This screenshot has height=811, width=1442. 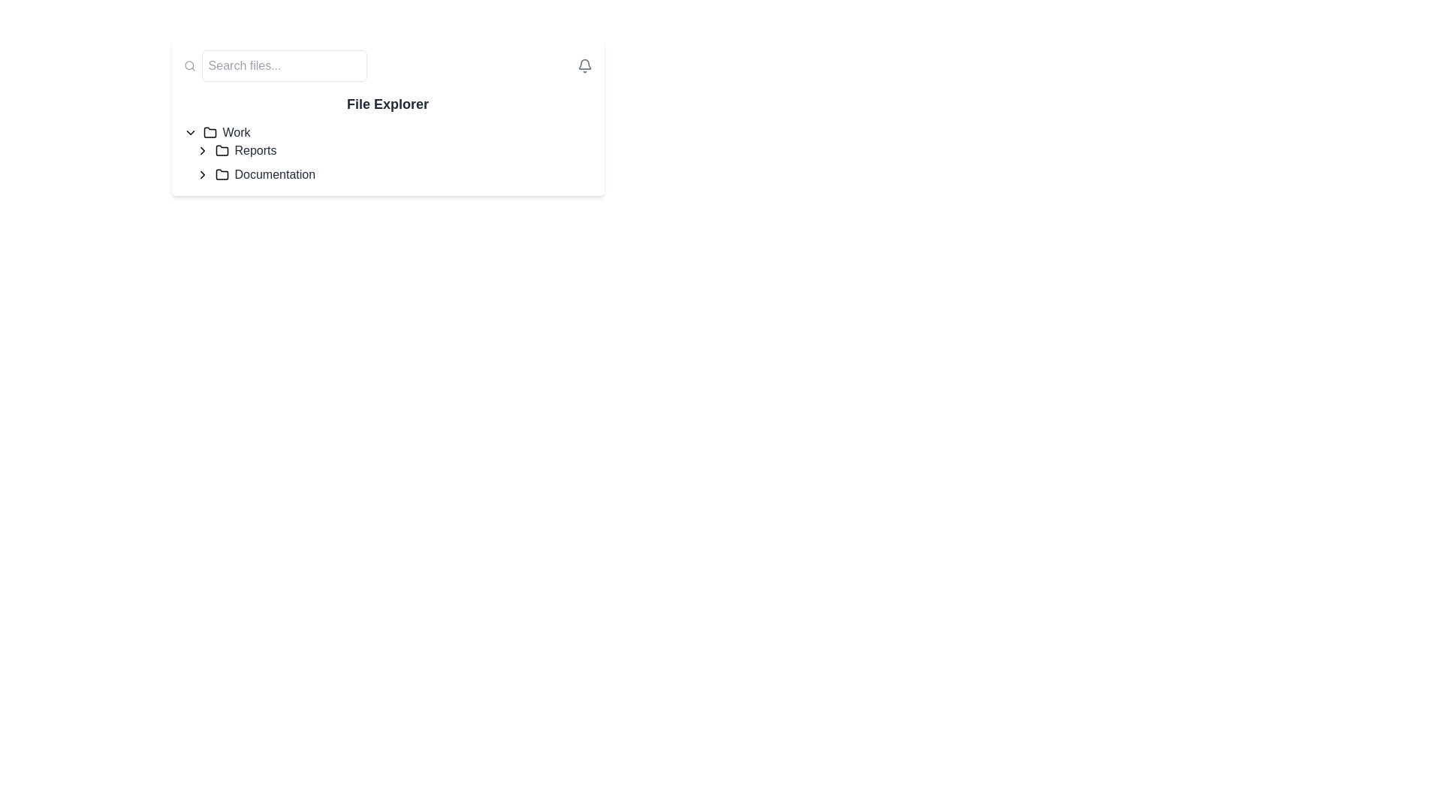 I want to click on the static text label 'Reports' which is styled with a medium-weight font and gray color, located below the 'Work' label and to the right of a folder icon in the 'File Explorer' section, so click(x=255, y=150).